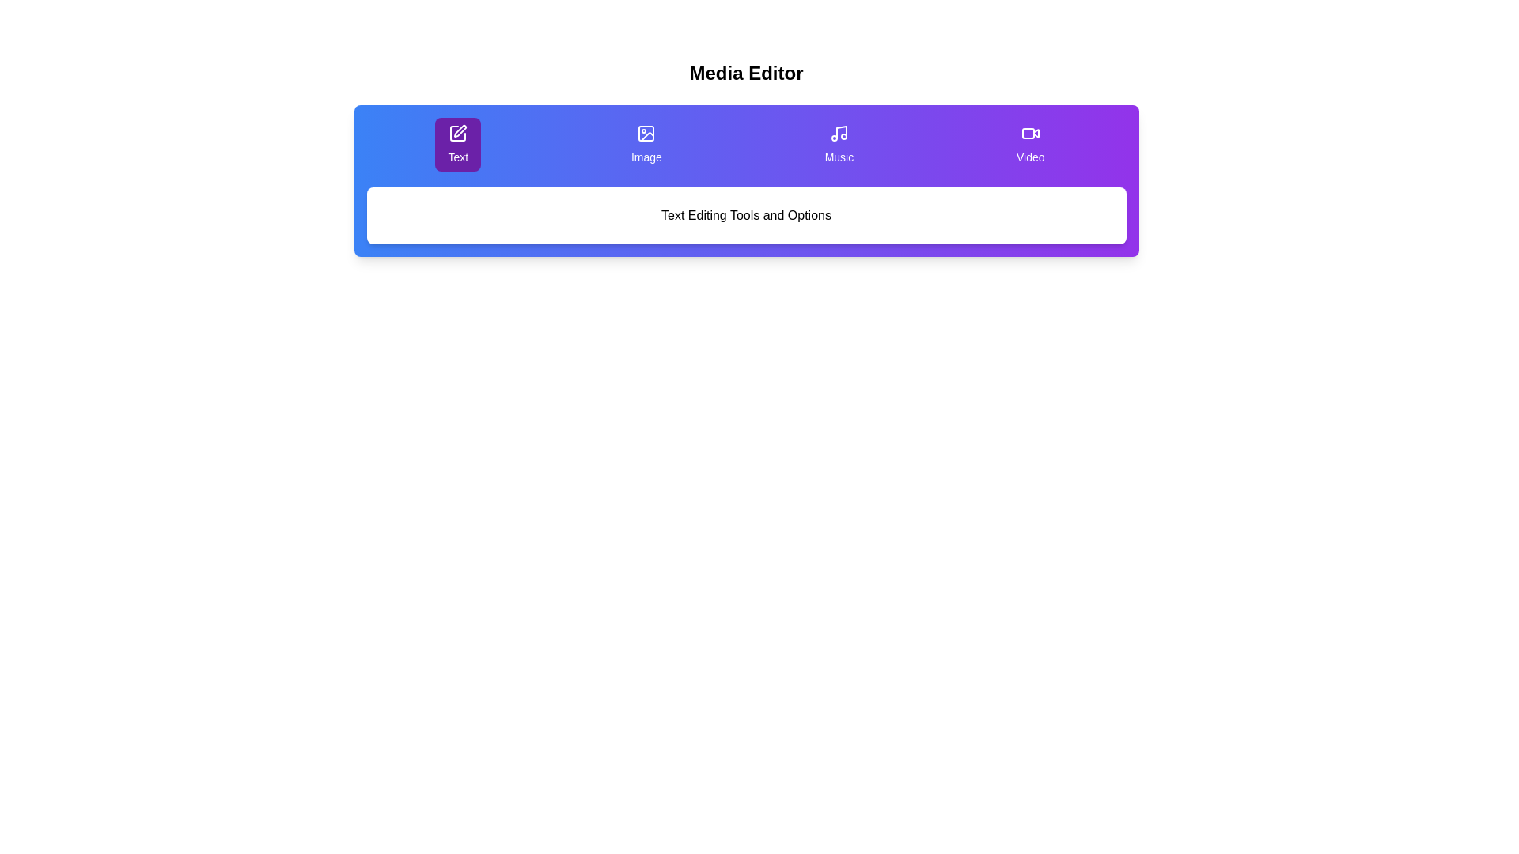 The height and width of the screenshot is (854, 1519). I want to click on the text label displaying the word 'Image', which is centrally aligned below an image icon within a clickable button in a toolbar, so click(646, 157).